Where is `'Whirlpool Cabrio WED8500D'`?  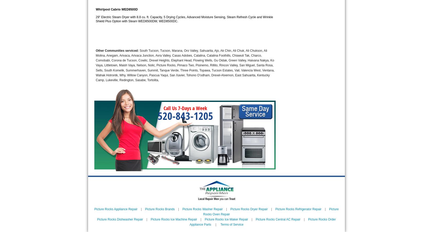
'Whirlpool Cabrio WED8500D' is located at coordinates (117, 9).